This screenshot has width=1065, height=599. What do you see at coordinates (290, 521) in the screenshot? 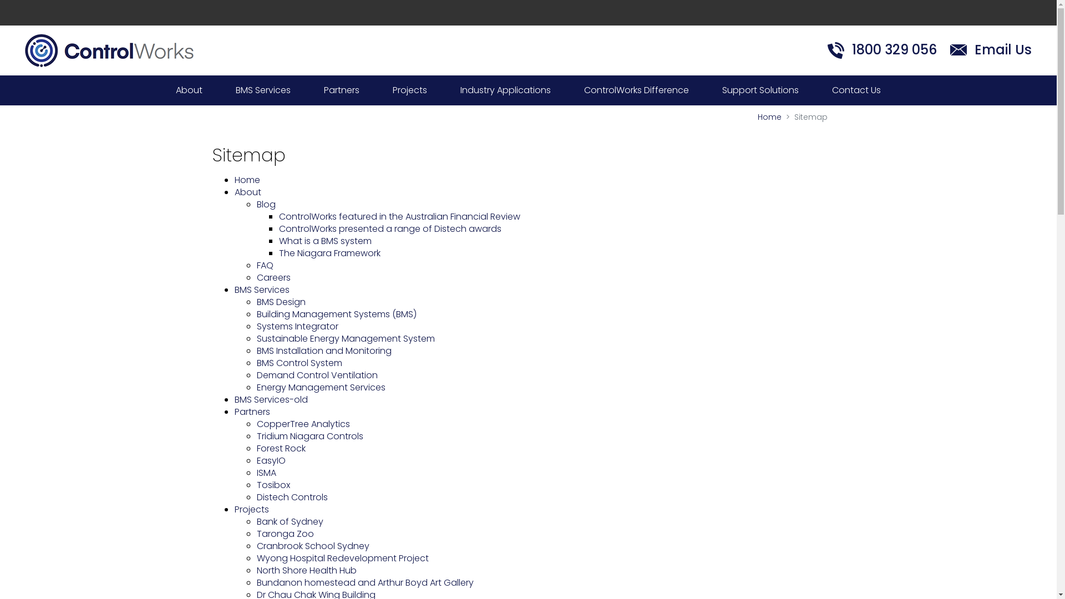
I see `'Bank of Sydney'` at bounding box center [290, 521].